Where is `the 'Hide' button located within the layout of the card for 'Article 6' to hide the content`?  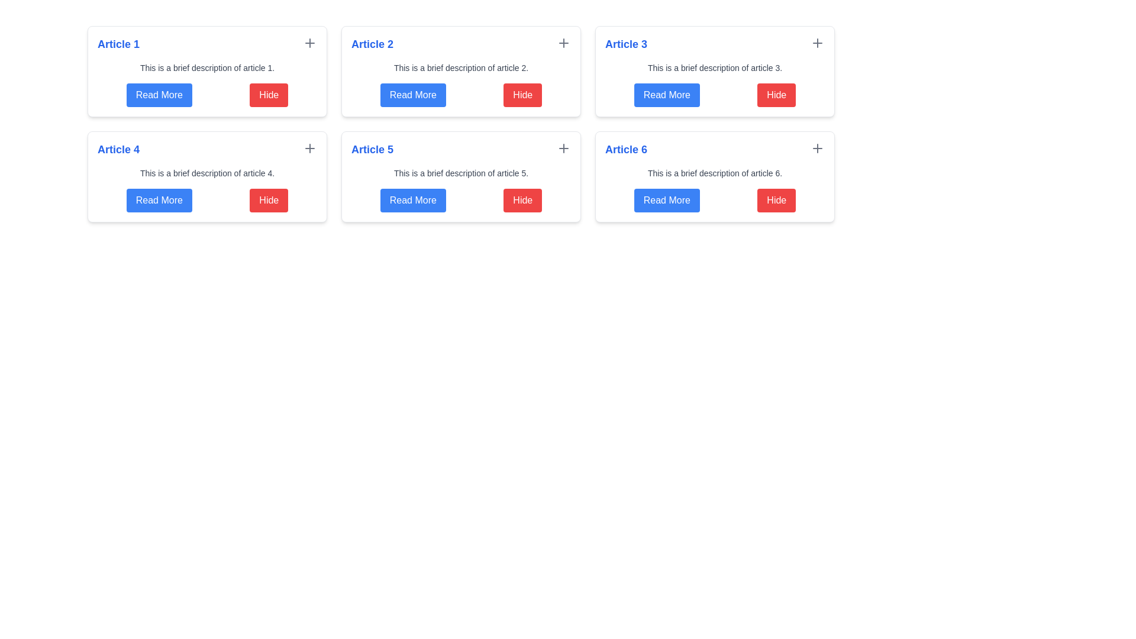
the 'Hide' button located within the layout of the card for 'Article 6' to hide the content is located at coordinates (776, 200).